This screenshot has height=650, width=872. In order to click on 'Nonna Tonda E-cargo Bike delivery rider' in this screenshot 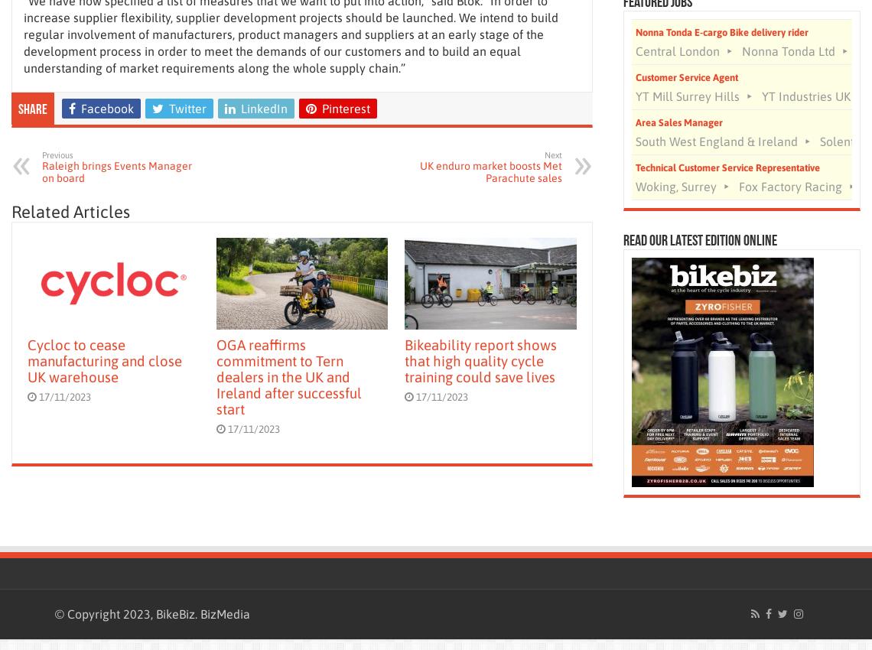, I will do `click(634, 31)`.